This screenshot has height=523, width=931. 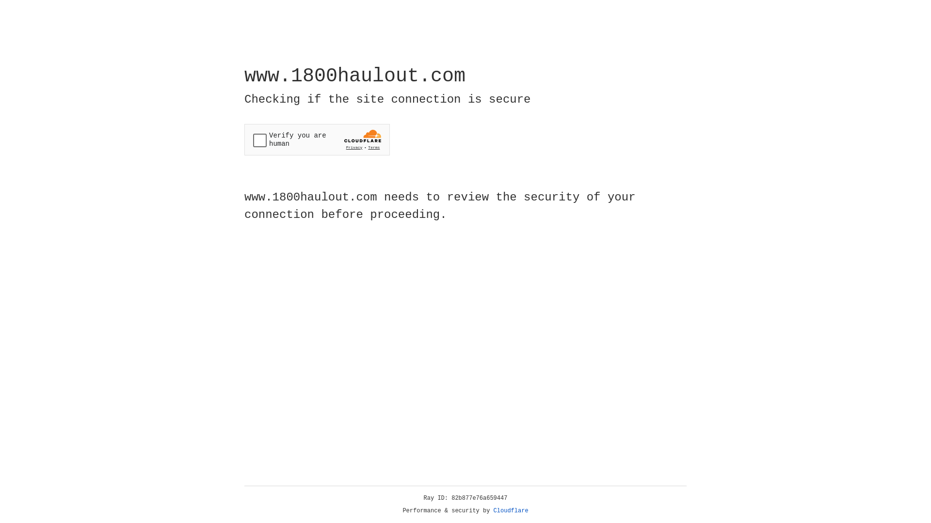 I want to click on 'Widget containing a Cloudflare security challenge', so click(x=317, y=139).